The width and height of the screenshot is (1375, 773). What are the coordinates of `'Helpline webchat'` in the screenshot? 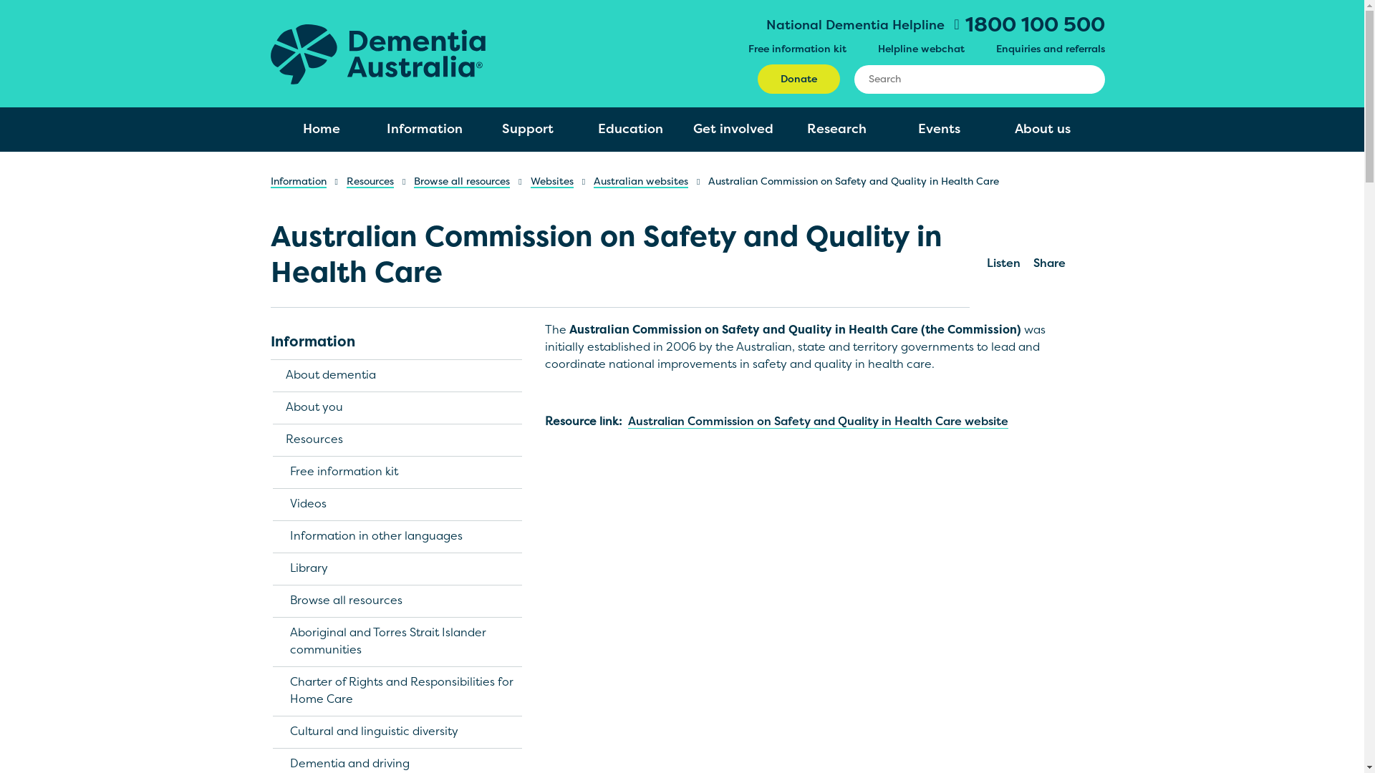 It's located at (921, 49).